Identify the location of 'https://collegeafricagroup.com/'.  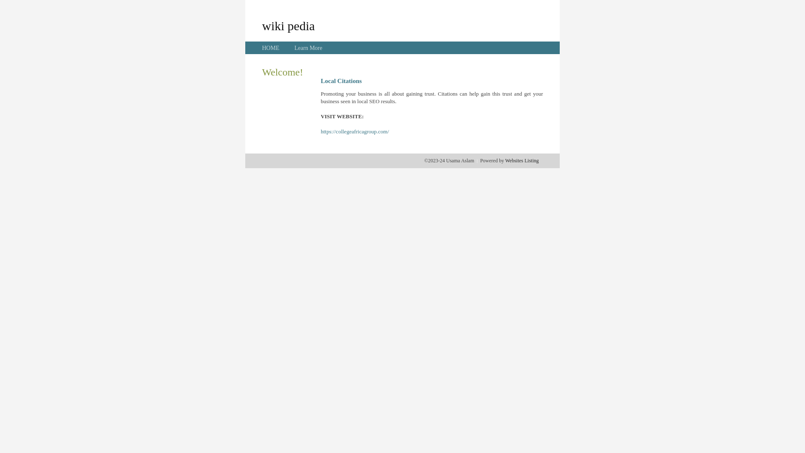
(355, 131).